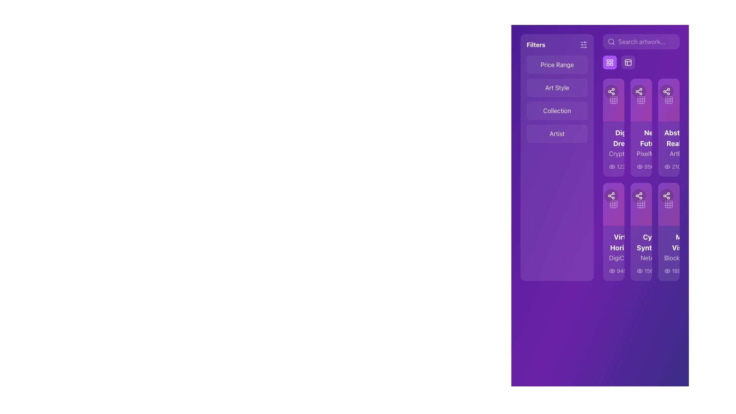 This screenshot has height=414, width=736. I want to click on the circular share icon button located at the top-right corner of the card, which features three small connected circles in a triangular shape on a rounded black background, so click(666, 195).